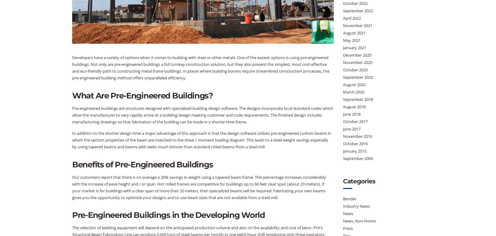 The width and height of the screenshot is (496, 236). What do you see at coordinates (358, 10) in the screenshot?
I see `'September 2022'` at bounding box center [358, 10].